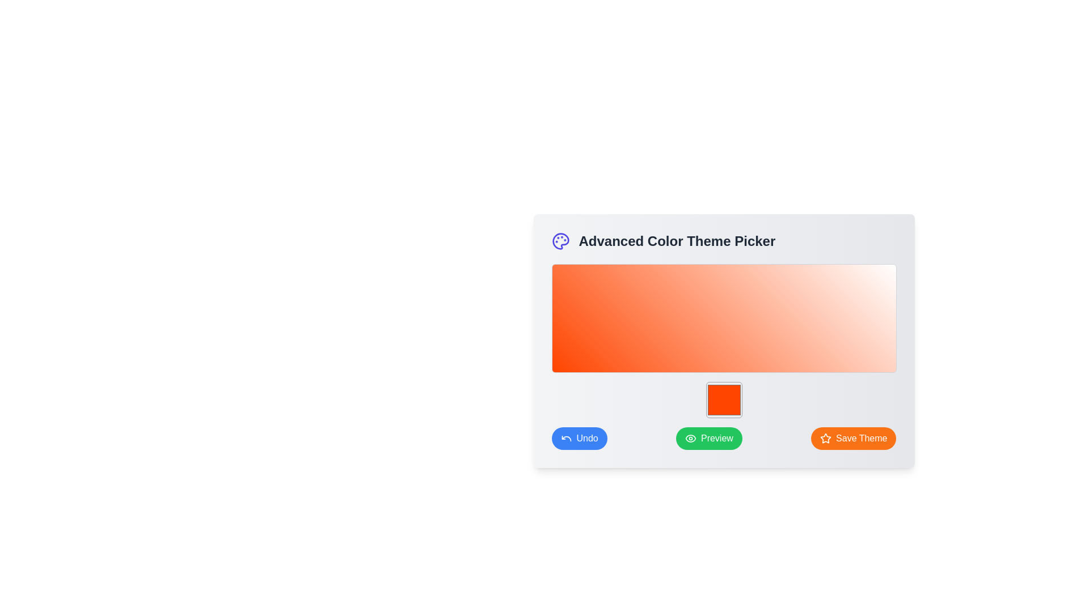 The width and height of the screenshot is (1089, 612). I want to click on the orange star-shaped icon located near the bottom right corner of the interface, so click(826, 437).